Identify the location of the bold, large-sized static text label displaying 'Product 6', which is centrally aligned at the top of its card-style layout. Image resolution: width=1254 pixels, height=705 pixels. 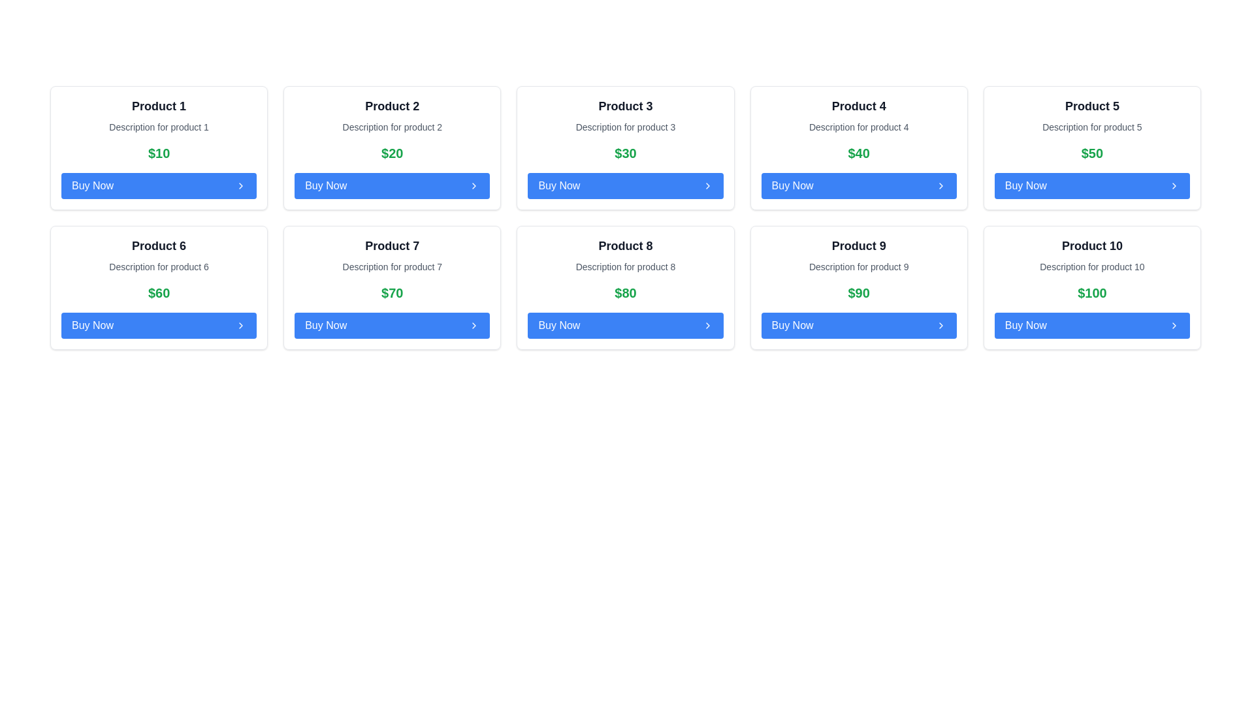
(158, 246).